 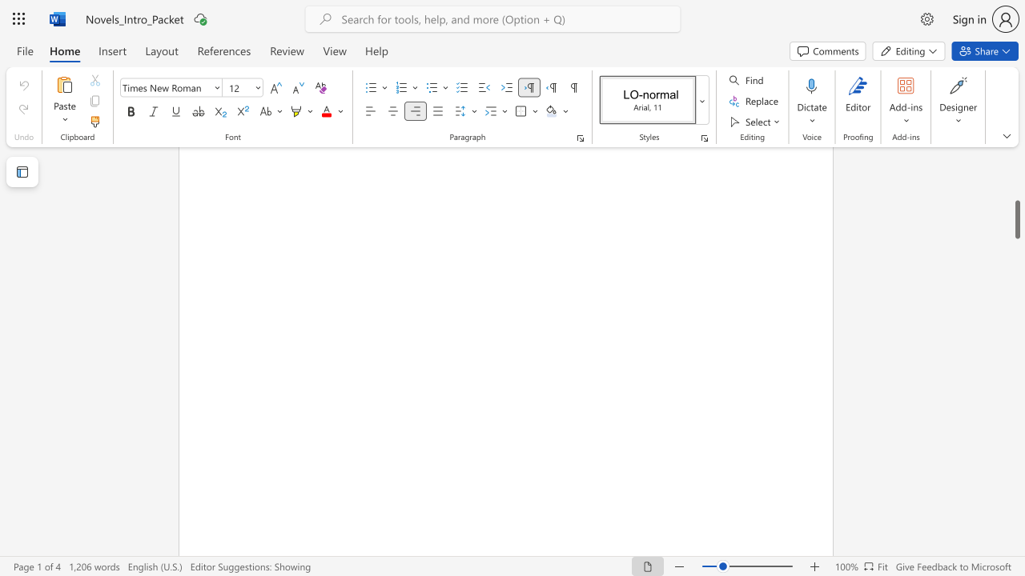 I want to click on the scrollbar and move up 230 pixels, so click(x=1016, y=219).